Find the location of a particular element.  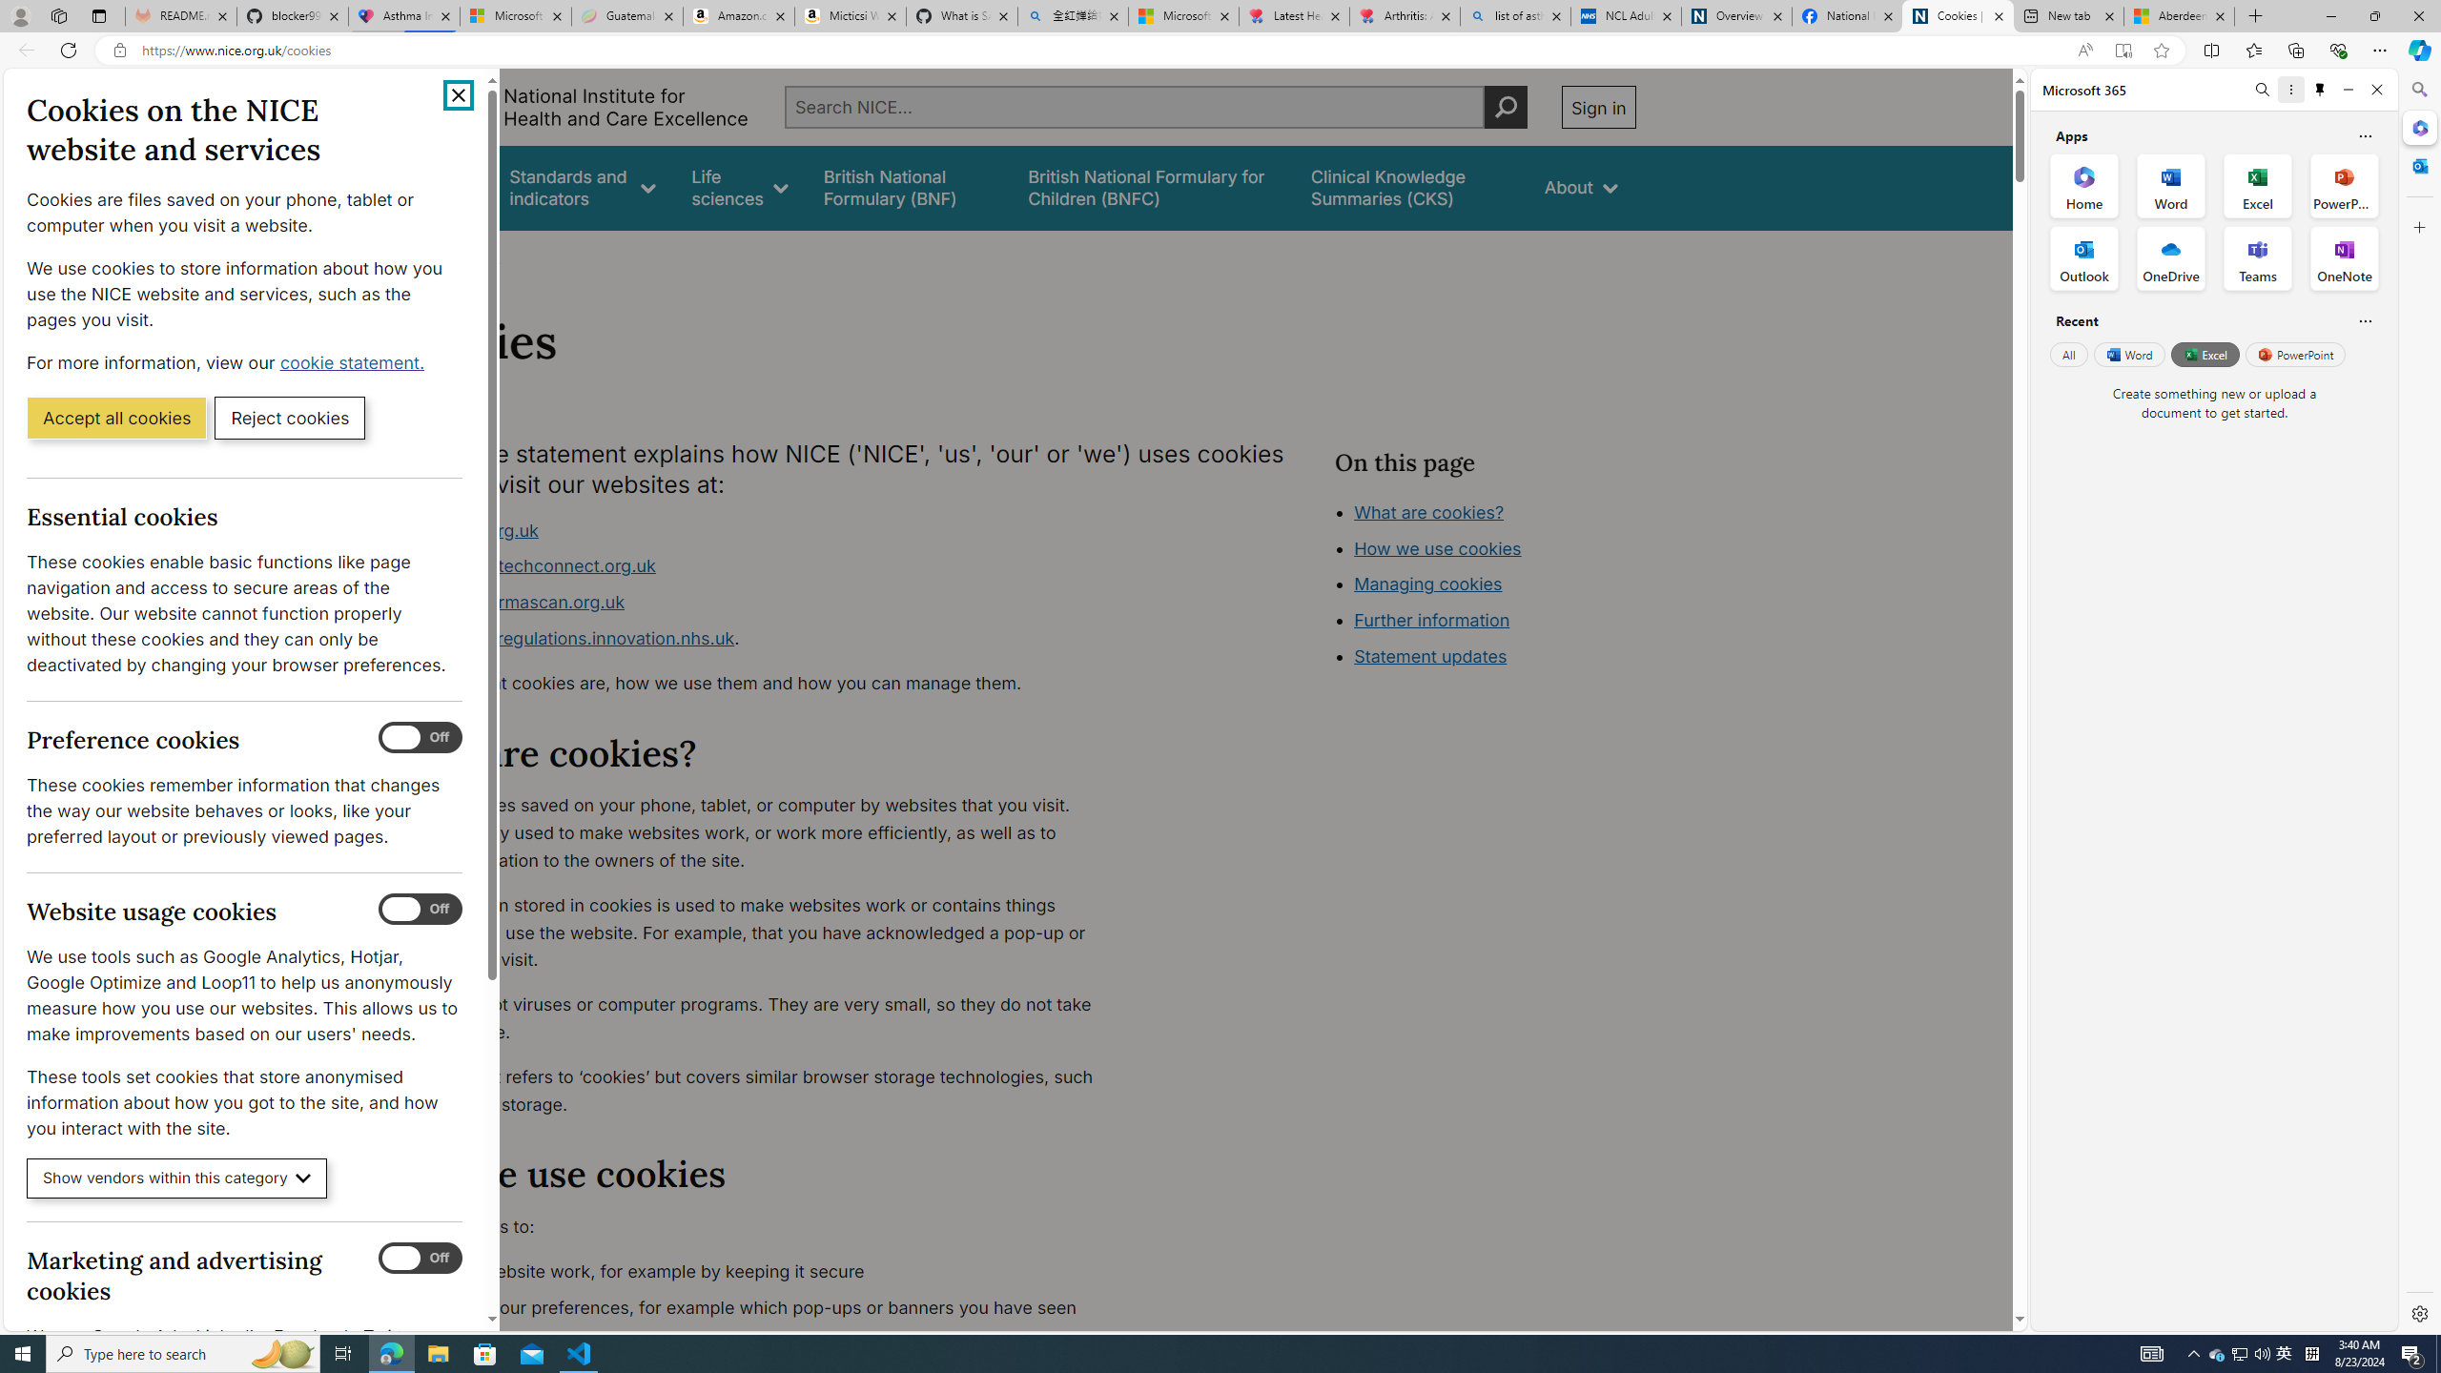

'Excel' is located at coordinates (2204, 354).